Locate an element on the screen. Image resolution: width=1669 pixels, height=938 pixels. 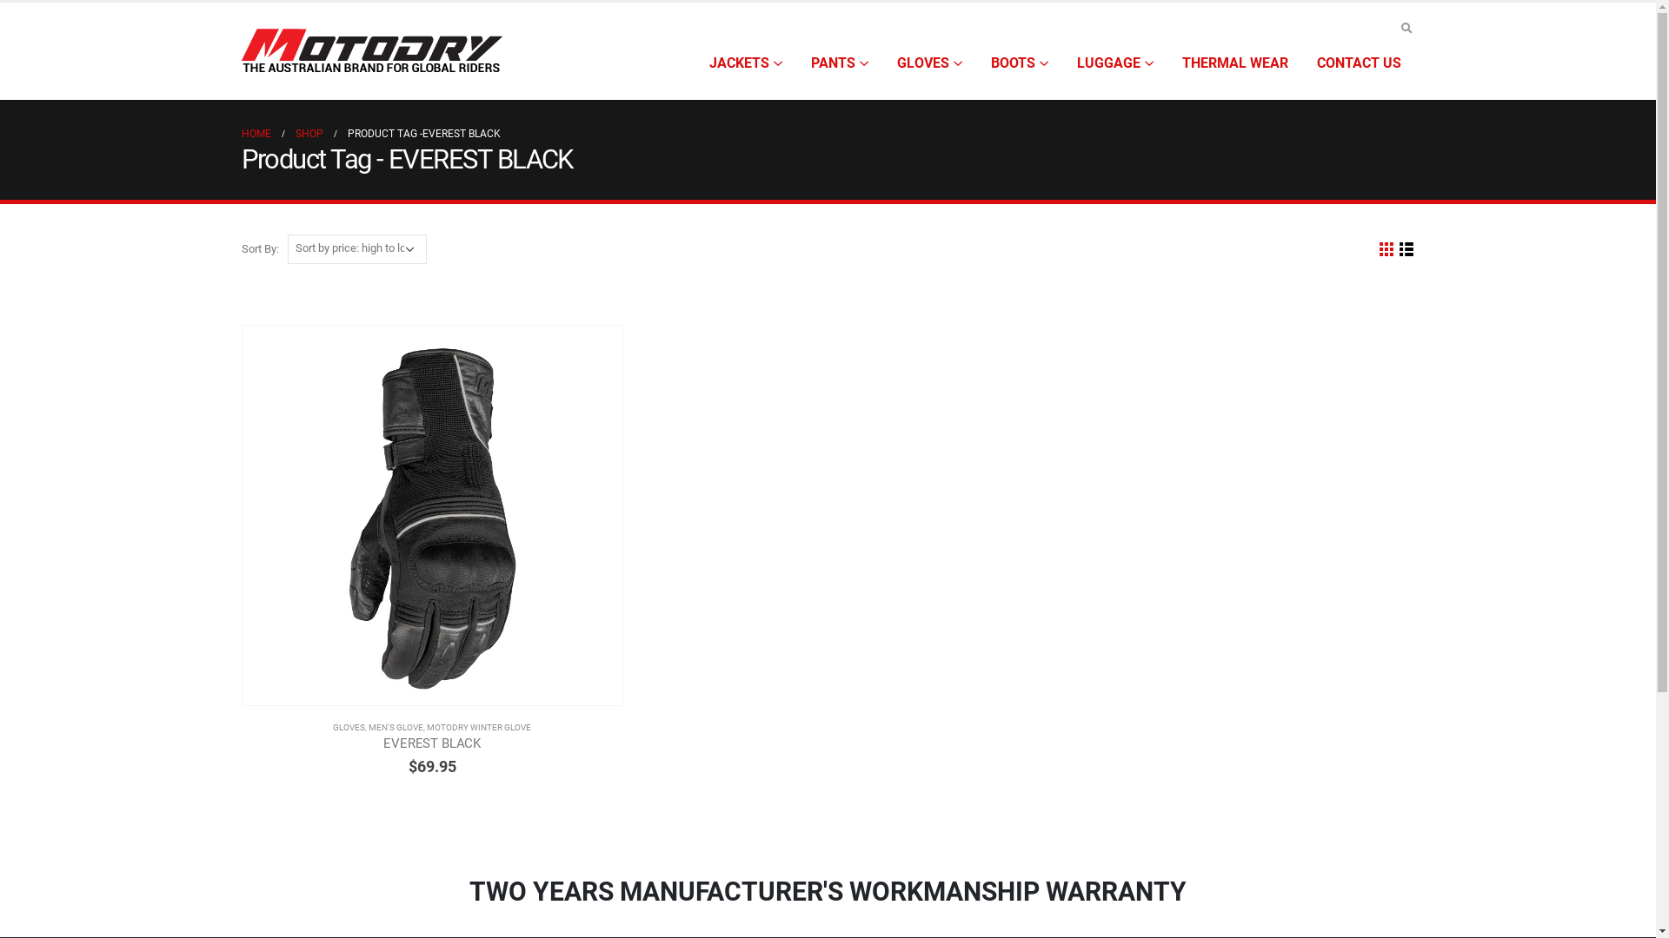
'BOOTS' is located at coordinates (1019, 63).